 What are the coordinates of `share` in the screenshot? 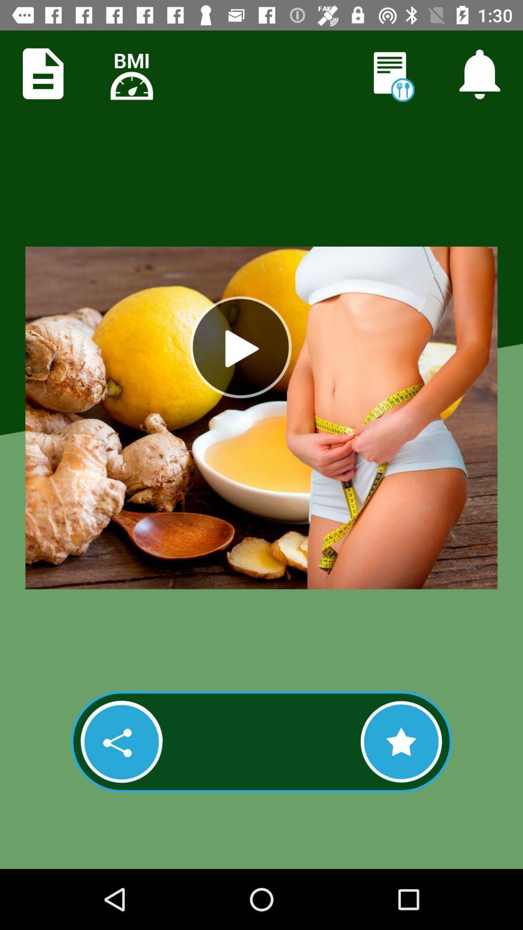 It's located at (121, 741).